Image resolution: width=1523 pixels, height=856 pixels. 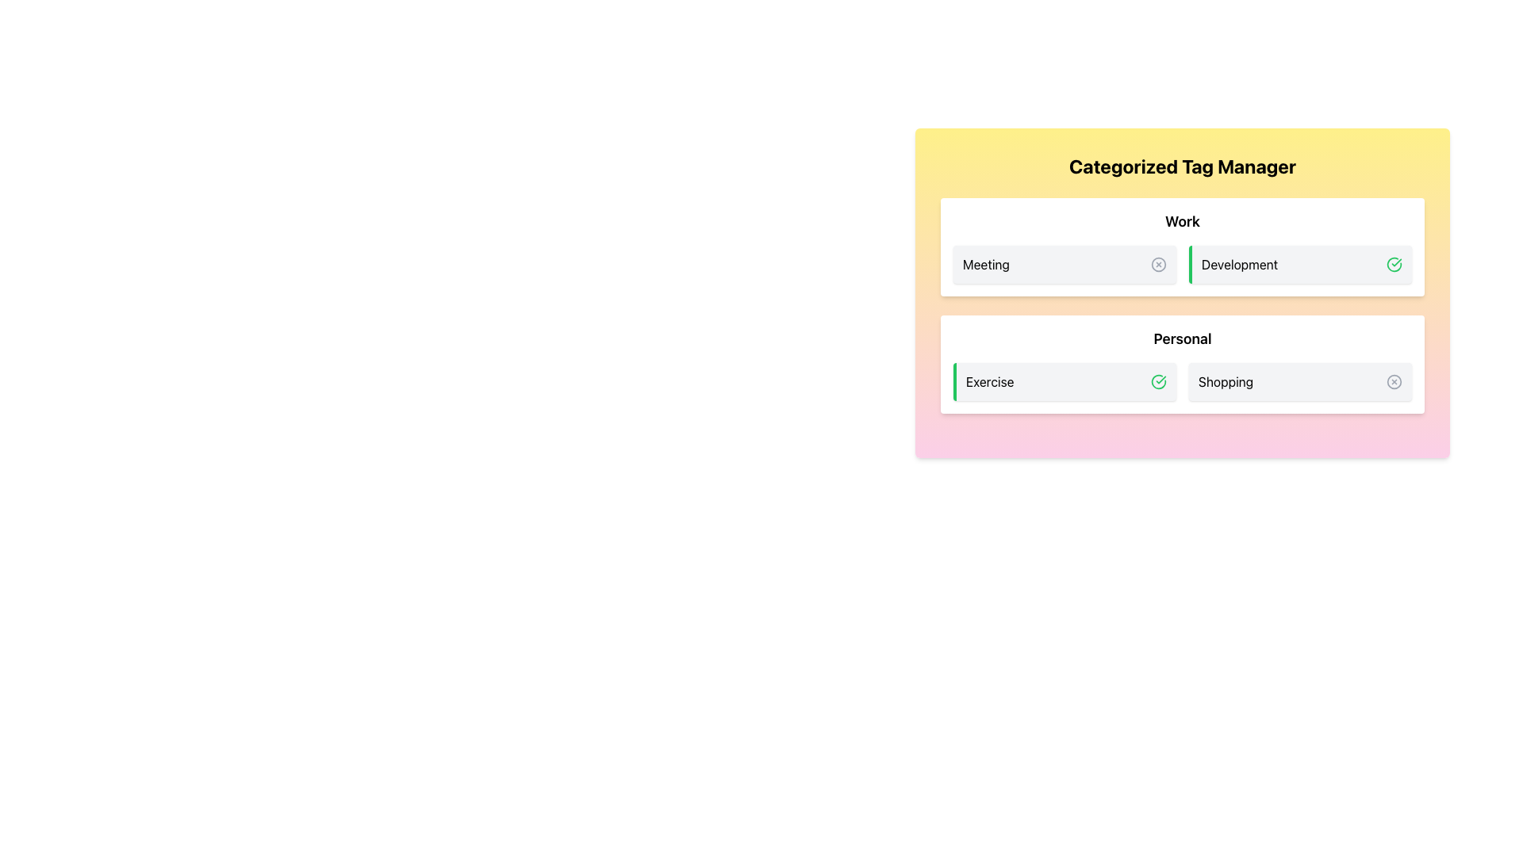 What do you see at coordinates (1158, 264) in the screenshot?
I see `the circular icon with close functionality located in the 'Work' section, positioned to the right of the 'Meeting' label and left of the 'Development' label` at bounding box center [1158, 264].